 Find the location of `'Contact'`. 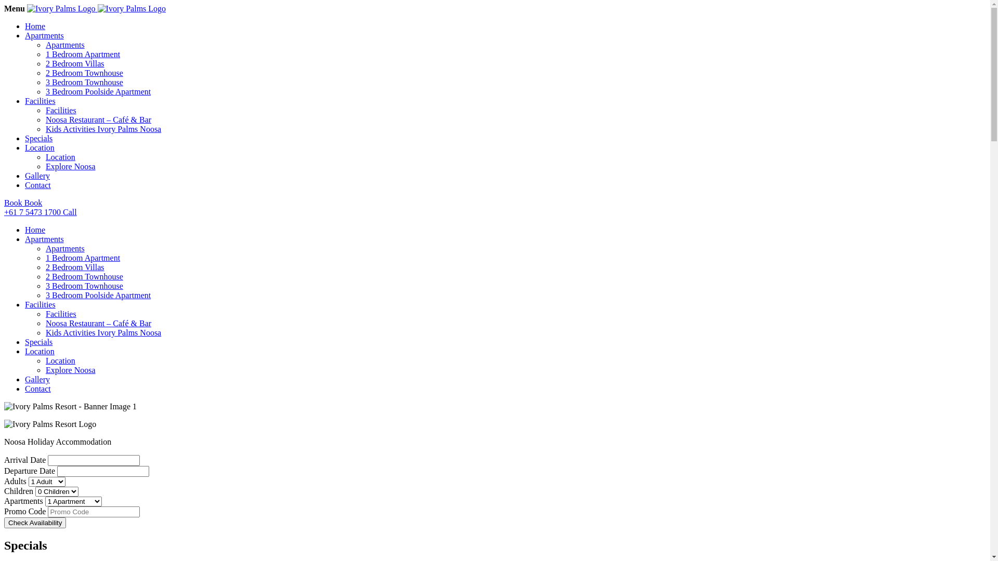

'Contact' is located at coordinates (37, 389).